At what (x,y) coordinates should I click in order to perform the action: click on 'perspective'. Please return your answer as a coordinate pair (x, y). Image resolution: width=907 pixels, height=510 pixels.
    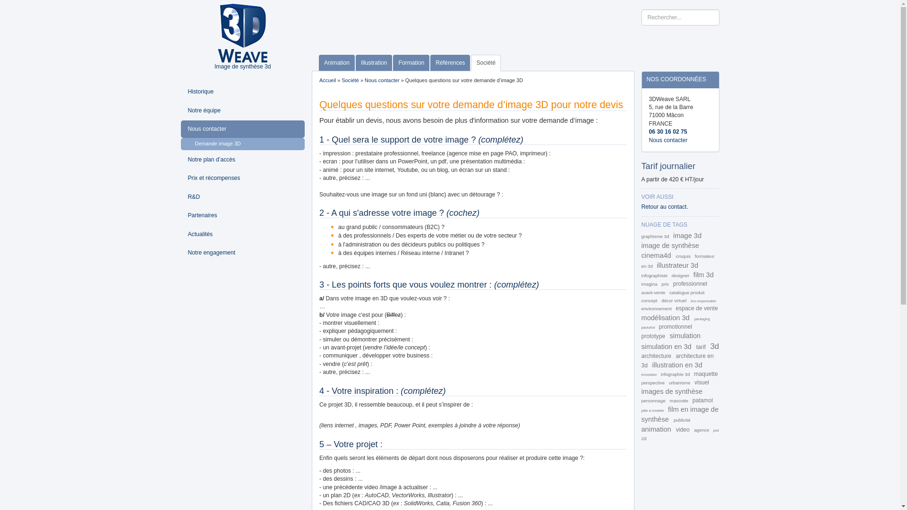
    Looking at the image, I should click on (653, 382).